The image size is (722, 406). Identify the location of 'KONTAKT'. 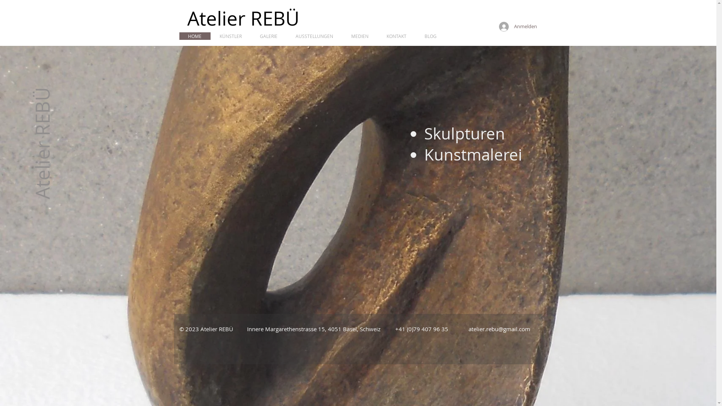
(377, 36).